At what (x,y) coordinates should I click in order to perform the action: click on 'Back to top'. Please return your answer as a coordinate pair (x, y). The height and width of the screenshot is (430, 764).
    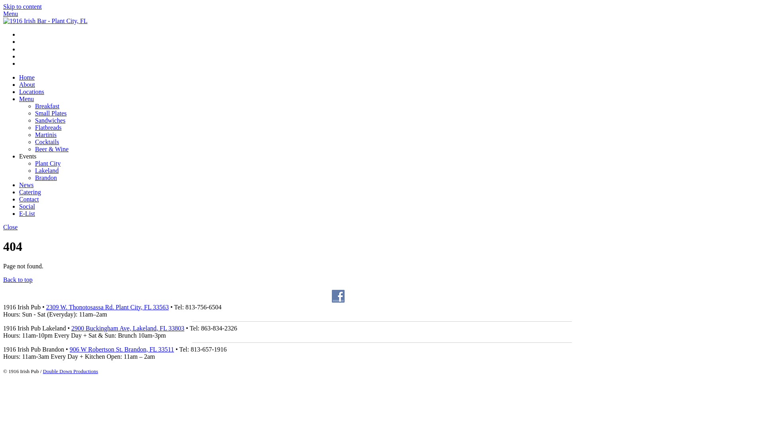
    Looking at the image, I should click on (18, 279).